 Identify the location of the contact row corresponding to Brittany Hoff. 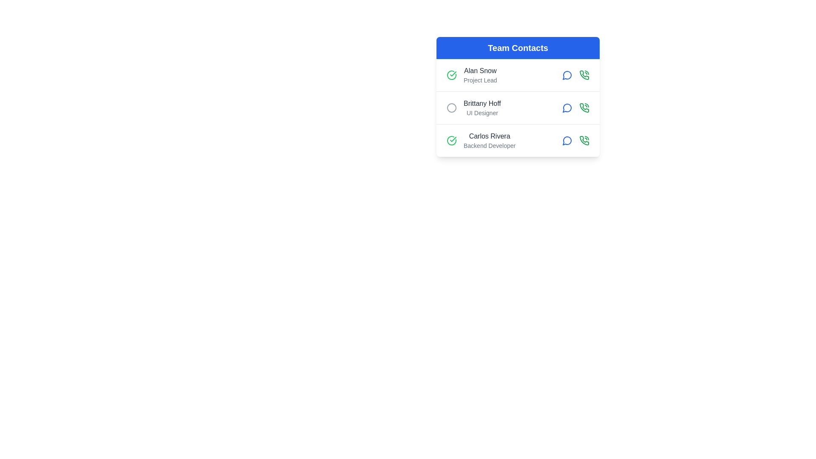
(518, 107).